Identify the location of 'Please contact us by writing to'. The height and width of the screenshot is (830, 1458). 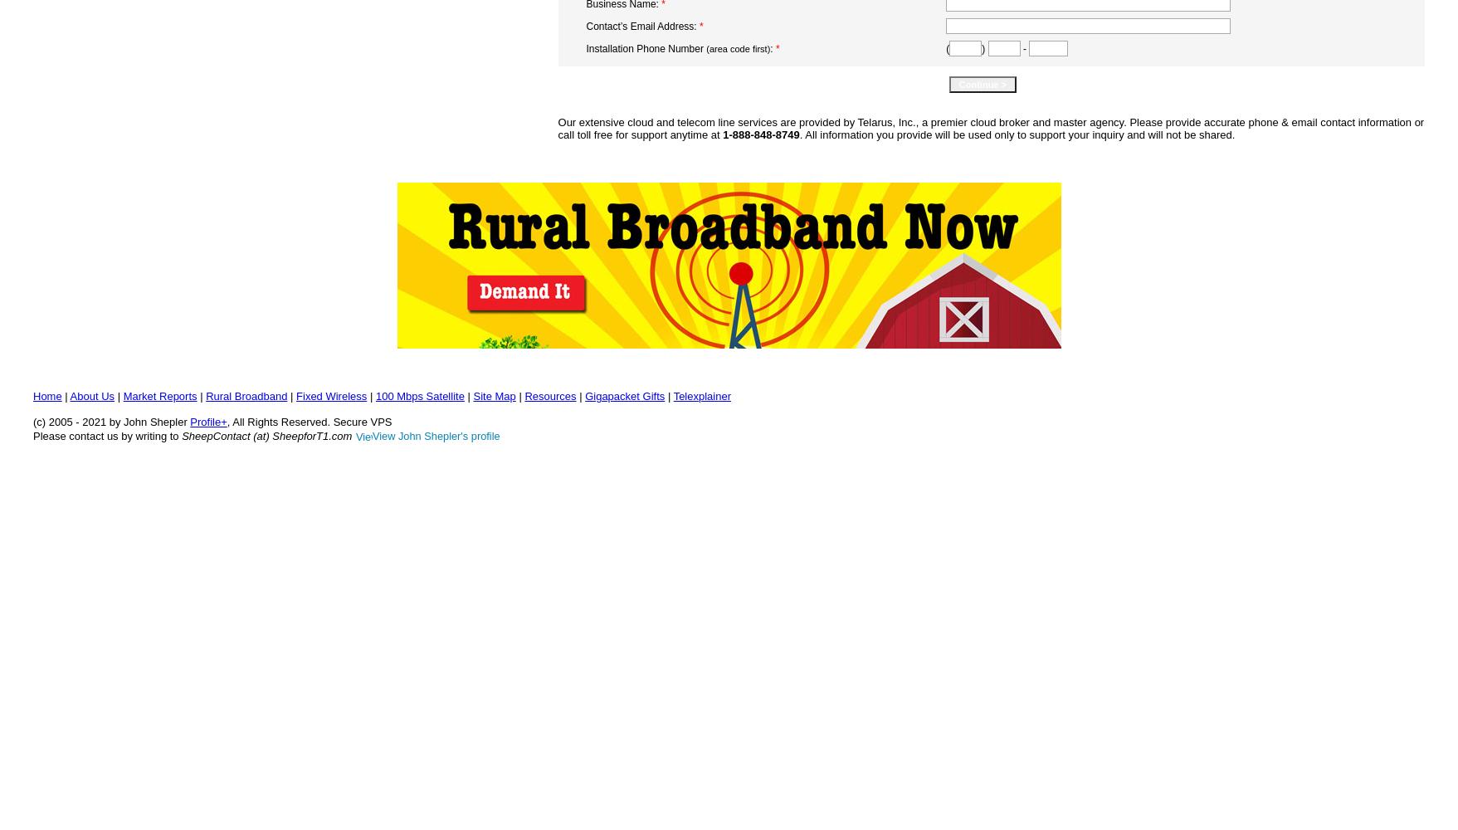
(106, 436).